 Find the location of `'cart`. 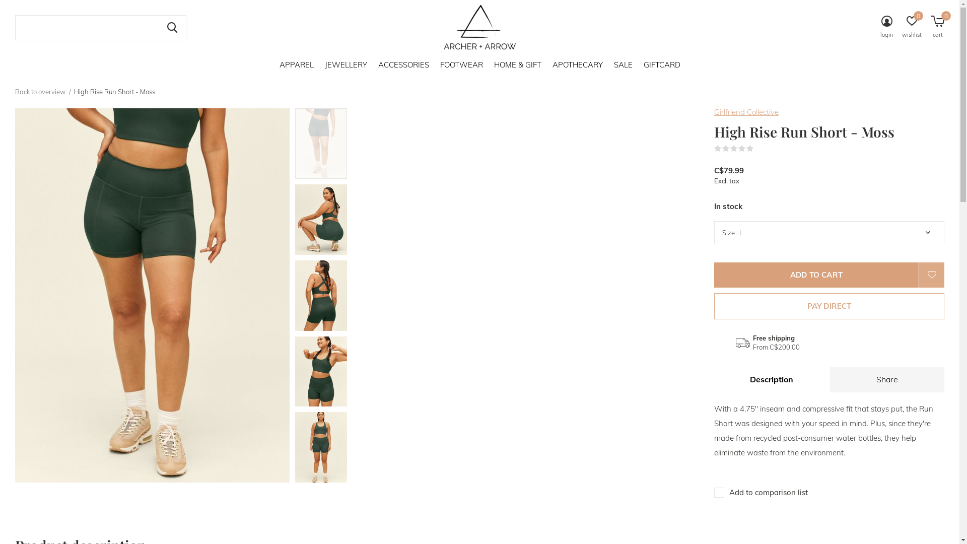

'cart is located at coordinates (930, 28).